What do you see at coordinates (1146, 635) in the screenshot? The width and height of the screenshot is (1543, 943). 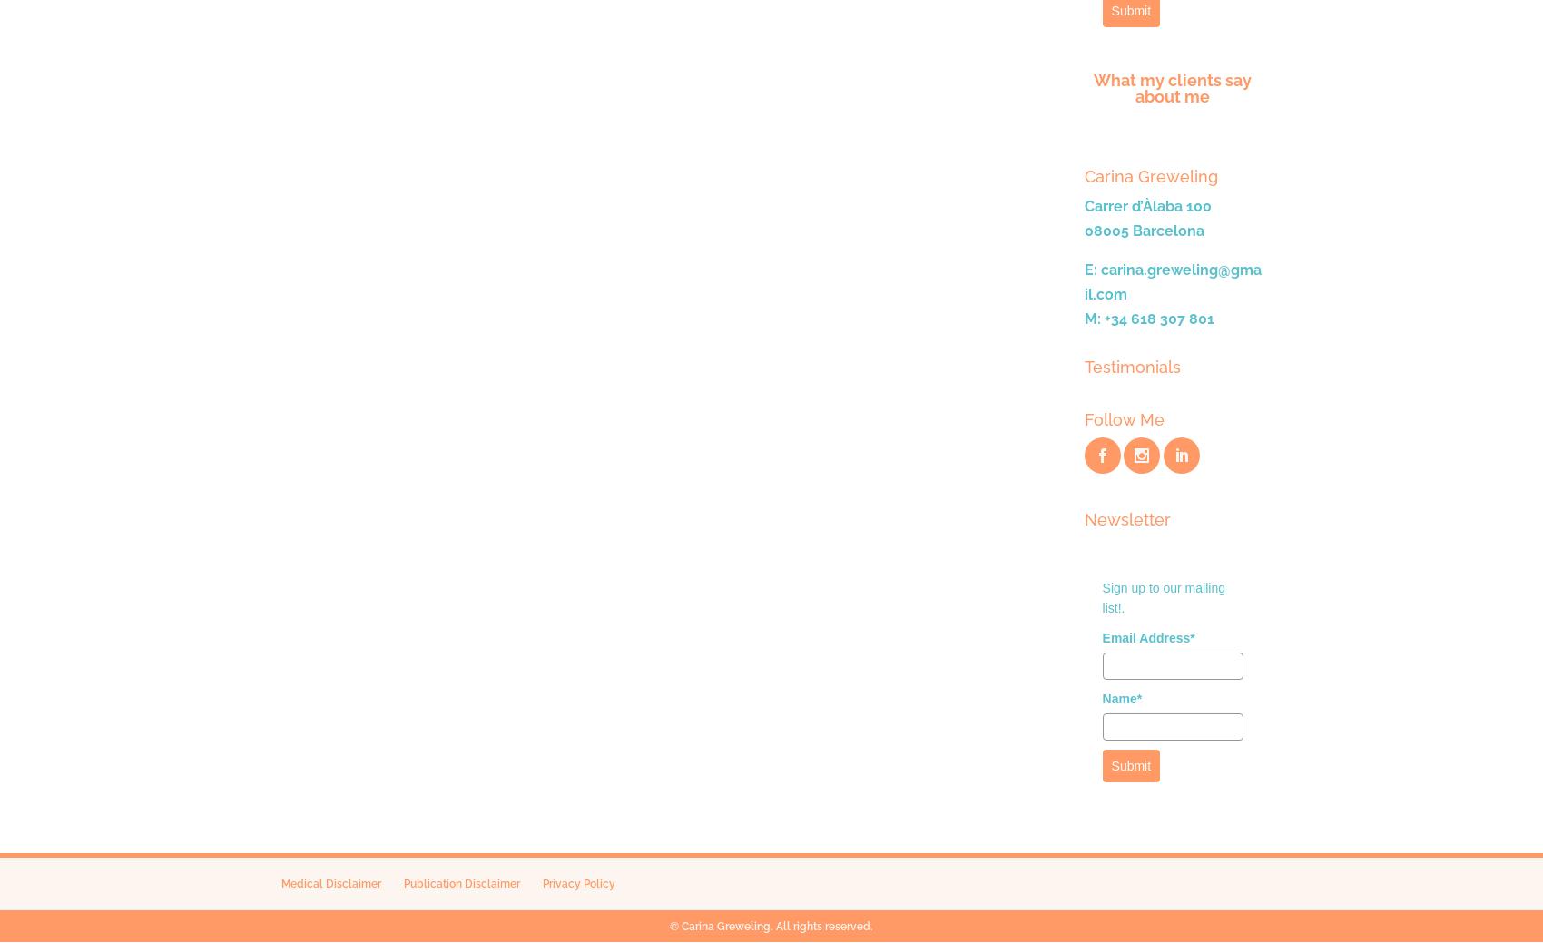 I see `'Email Address*'` at bounding box center [1146, 635].